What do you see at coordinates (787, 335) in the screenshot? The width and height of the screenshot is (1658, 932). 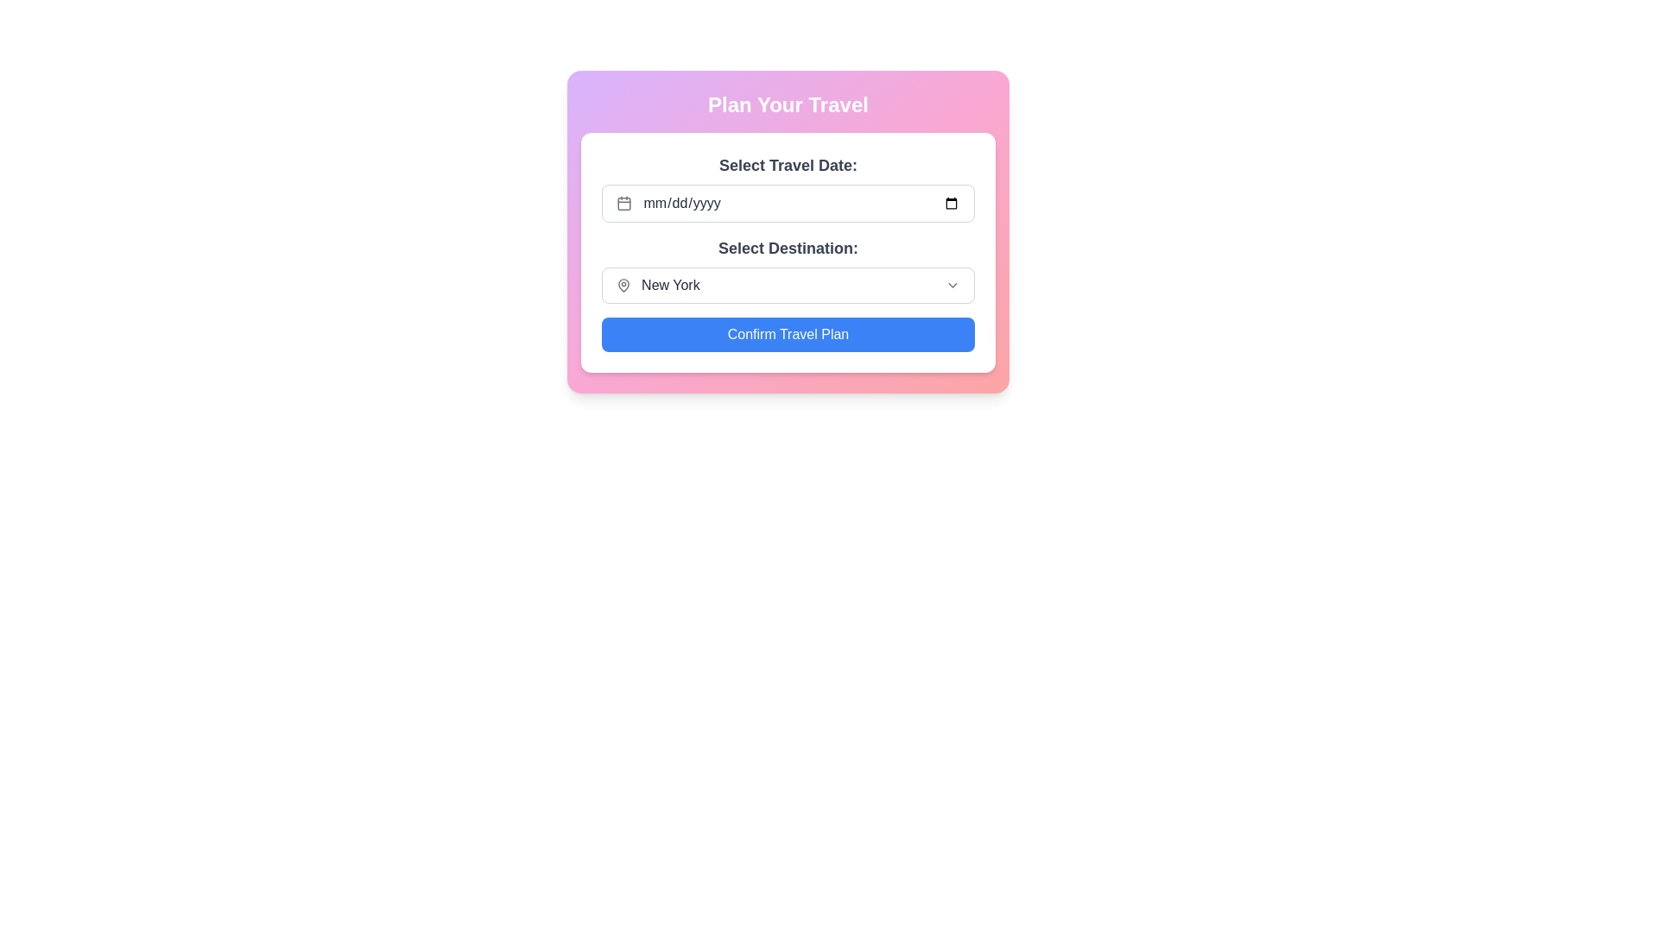 I see `the submit button located at the bottom of the travel plan form` at bounding box center [787, 335].